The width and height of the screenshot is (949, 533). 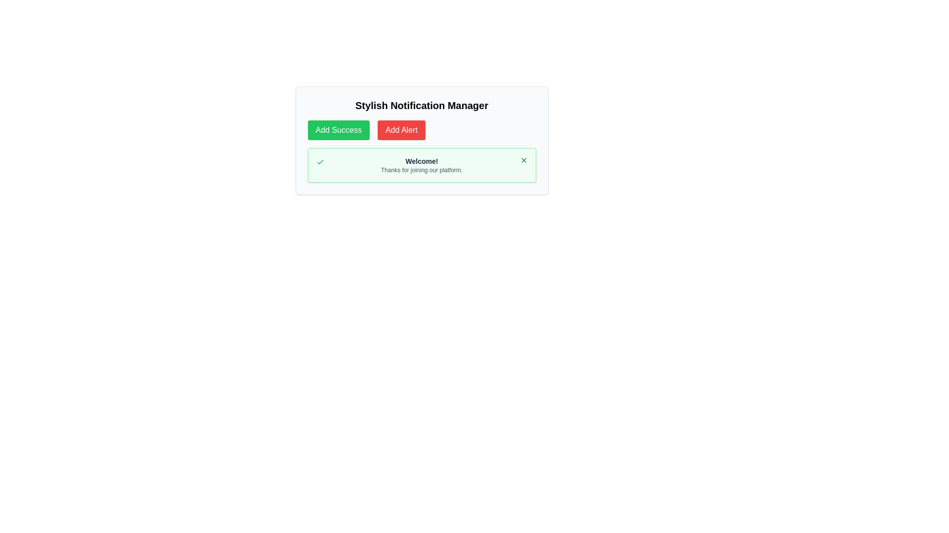 I want to click on the button to the right of the 'Add Success' button, so click(x=401, y=129).